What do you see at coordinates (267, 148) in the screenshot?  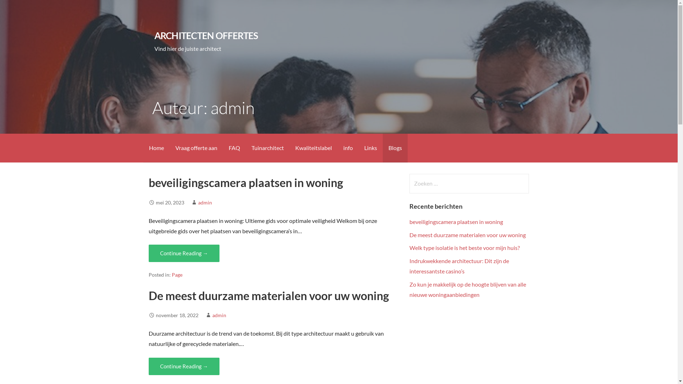 I see `'Tuinarchitect'` at bounding box center [267, 148].